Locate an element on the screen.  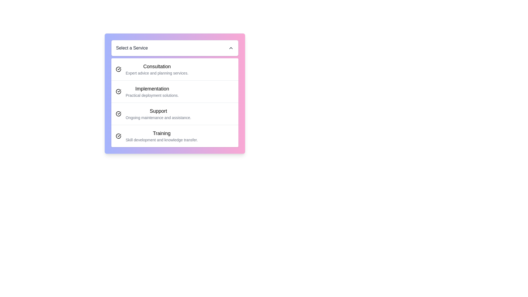
the header text or label within the list item that is positioned second under 'Select a Service', directly above 'Practical deployment solutions' and below 'Consultation' is located at coordinates (152, 89).